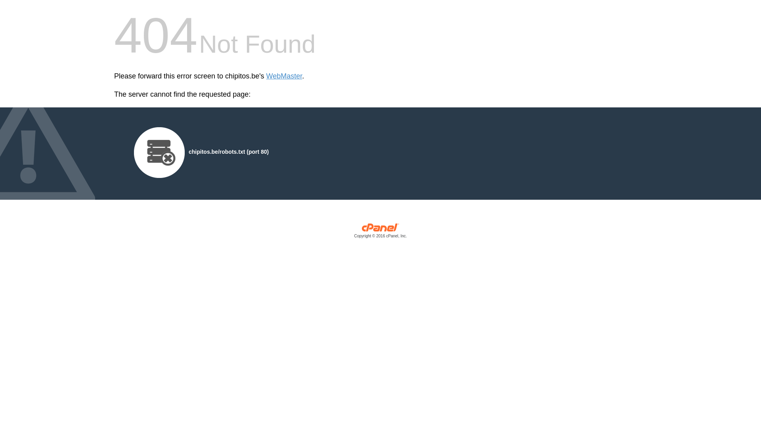 This screenshot has width=761, height=428. Describe the element at coordinates (284, 76) in the screenshot. I see `'WebMaster'` at that location.